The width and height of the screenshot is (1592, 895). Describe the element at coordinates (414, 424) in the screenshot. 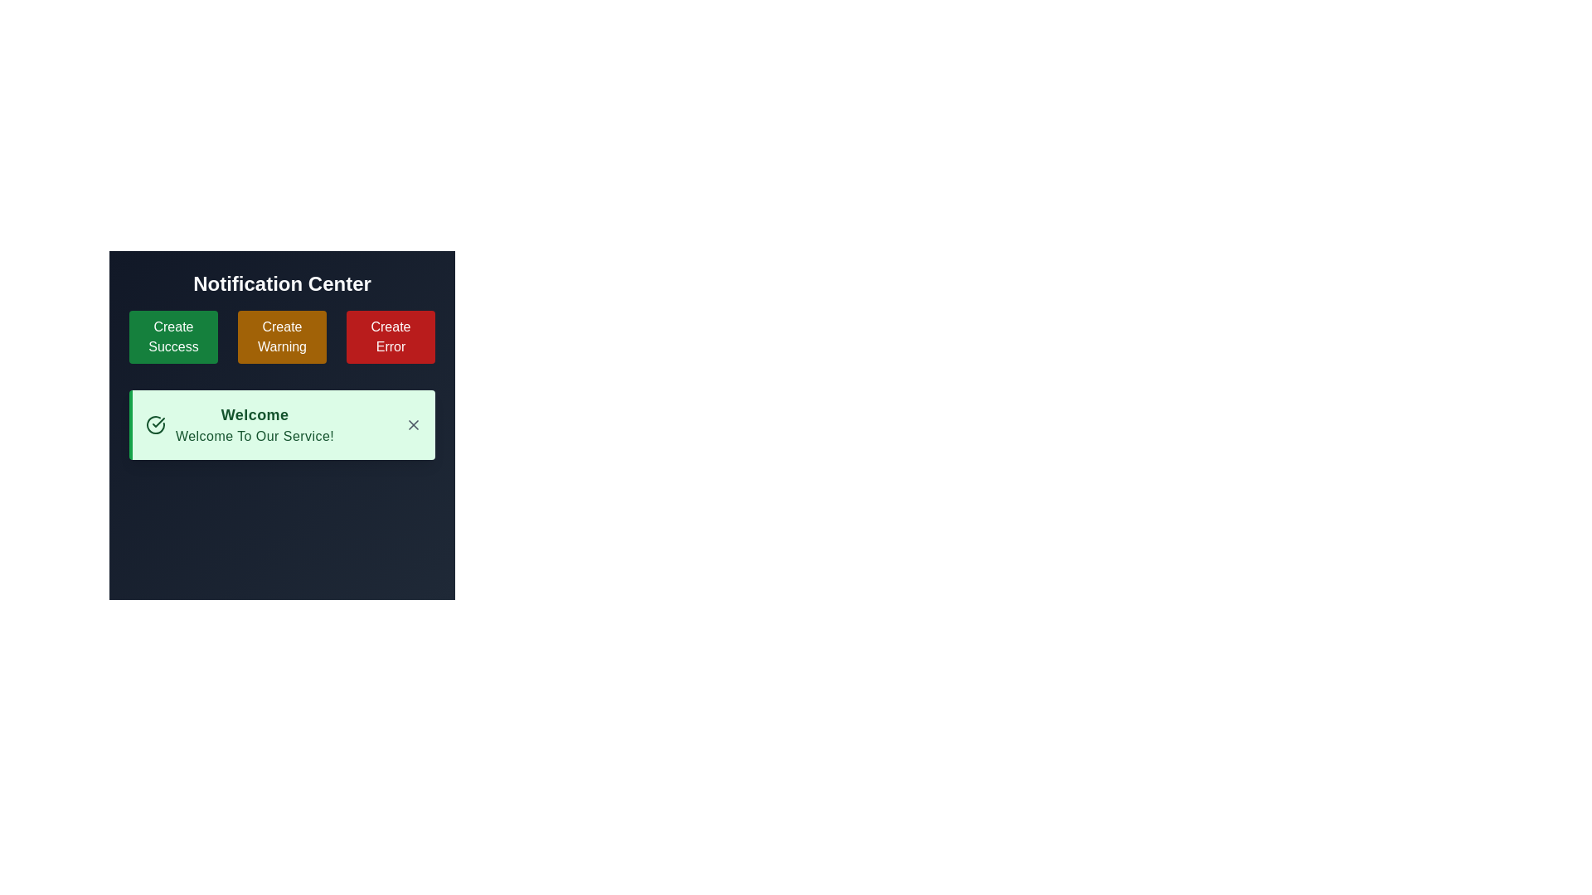

I see `the close or dismiss icon (X icon) within the 'Welcome' notification box` at that location.